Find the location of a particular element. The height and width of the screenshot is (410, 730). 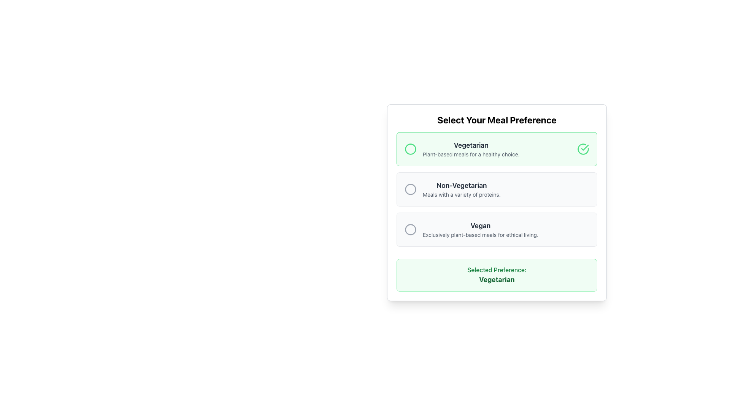

the Text Label that indicates the context of the selected meal preference, positioned at the bottom of the form above the 'Vegetarian' choice is located at coordinates (497, 269).